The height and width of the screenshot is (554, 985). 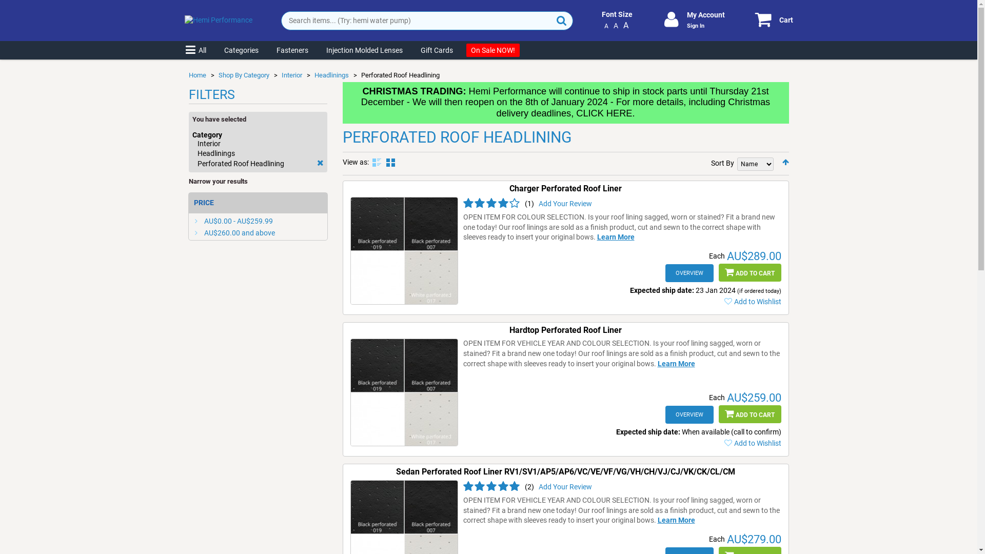 What do you see at coordinates (313, 74) in the screenshot?
I see `'Headlinings'` at bounding box center [313, 74].